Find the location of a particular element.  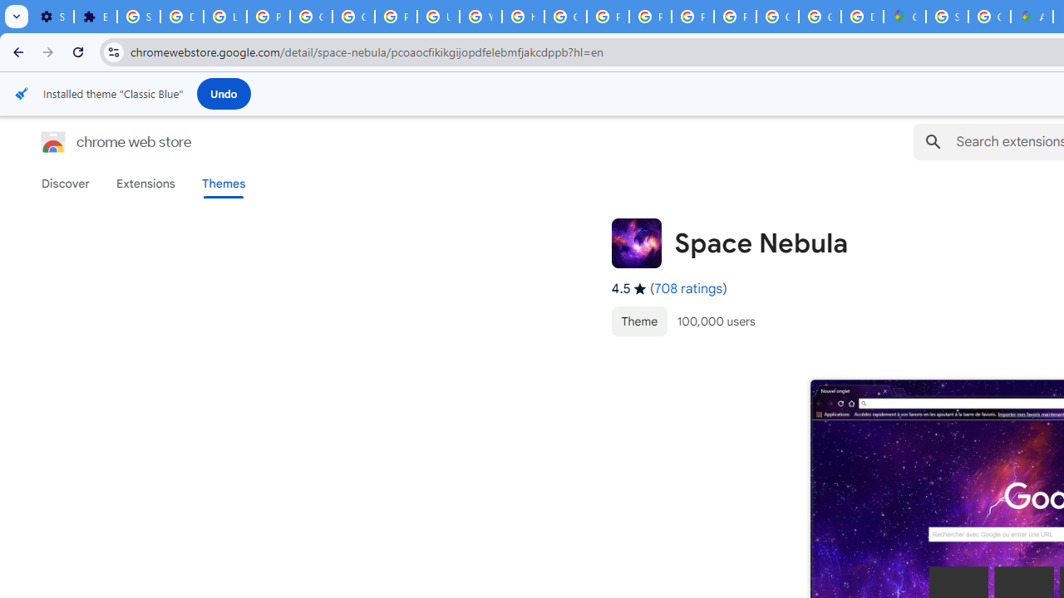

'Sign in - Google Accounts' is located at coordinates (947, 17).